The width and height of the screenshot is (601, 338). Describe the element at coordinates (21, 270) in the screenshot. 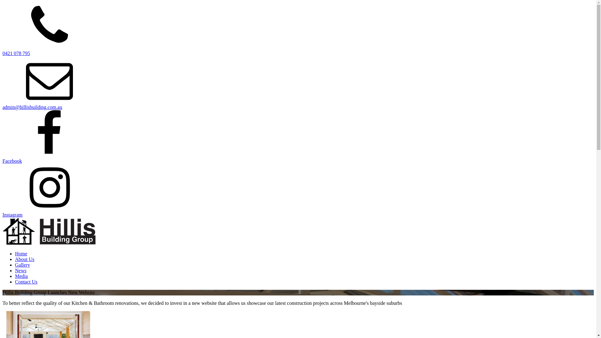

I see `'News'` at that location.